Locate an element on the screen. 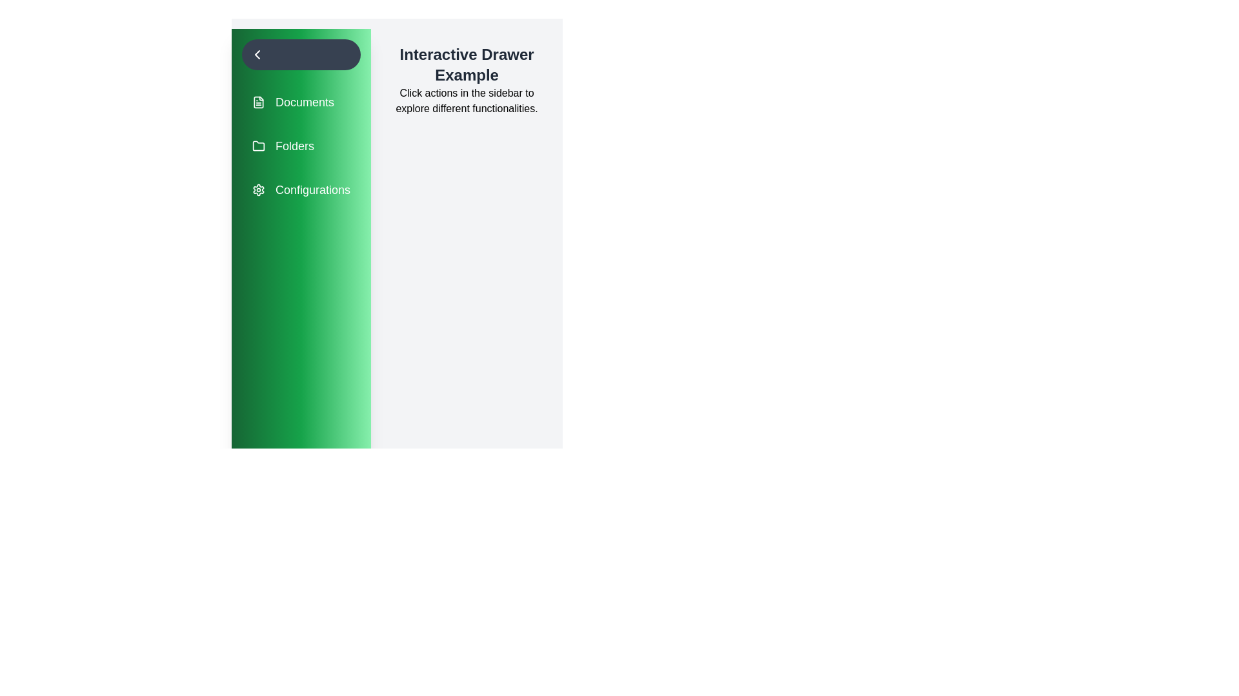 Image resolution: width=1239 pixels, height=696 pixels. the menu item Documents to navigate to the corresponding section is located at coordinates (300, 101).